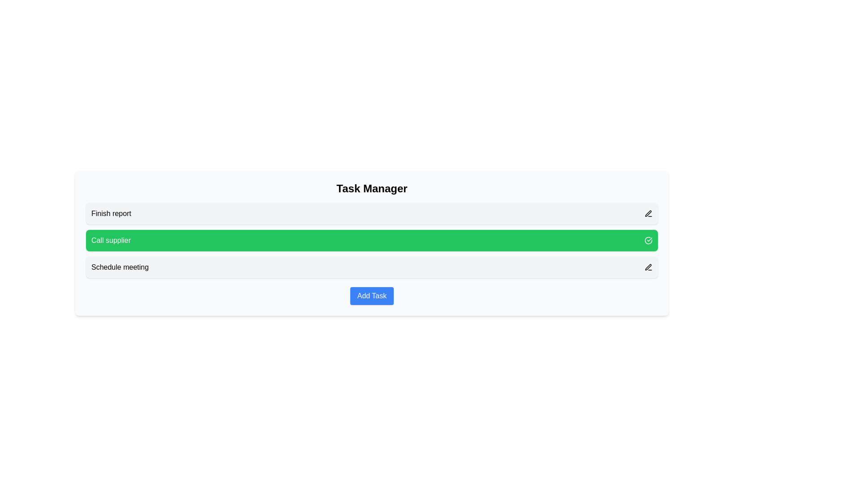 This screenshot has width=860, height=483. I want to click on 'Add Task' button to add a new task, so click(372, 296).